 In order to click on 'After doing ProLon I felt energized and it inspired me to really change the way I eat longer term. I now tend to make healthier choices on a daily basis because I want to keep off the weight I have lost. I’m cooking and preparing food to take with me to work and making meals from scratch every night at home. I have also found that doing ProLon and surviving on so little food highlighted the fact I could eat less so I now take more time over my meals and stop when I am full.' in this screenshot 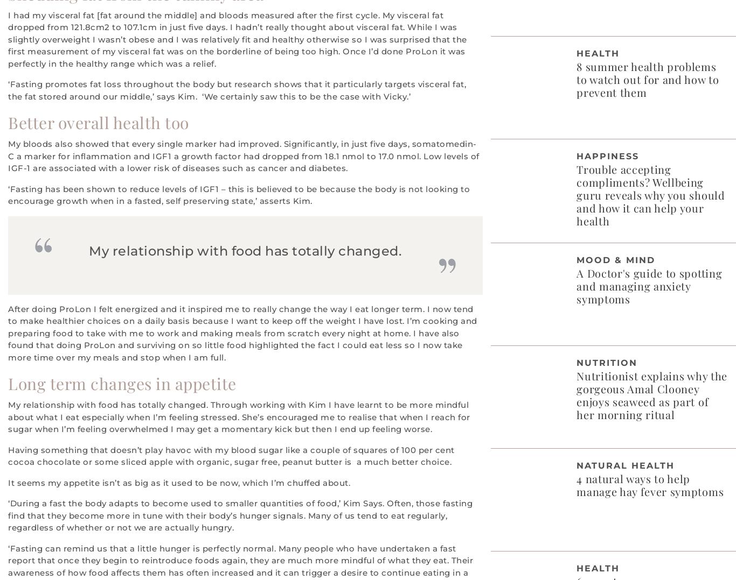, I will do `click(241, 332)`.